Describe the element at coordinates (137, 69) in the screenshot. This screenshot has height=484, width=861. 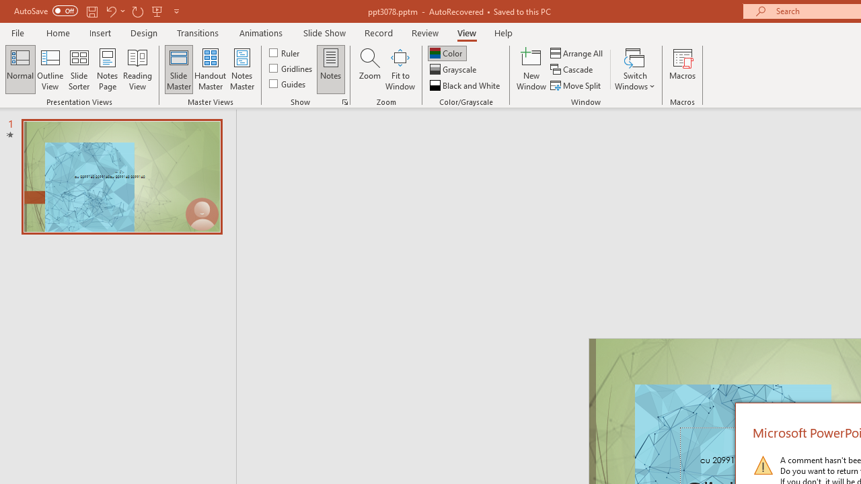
I see `'Reading View'` at that location.